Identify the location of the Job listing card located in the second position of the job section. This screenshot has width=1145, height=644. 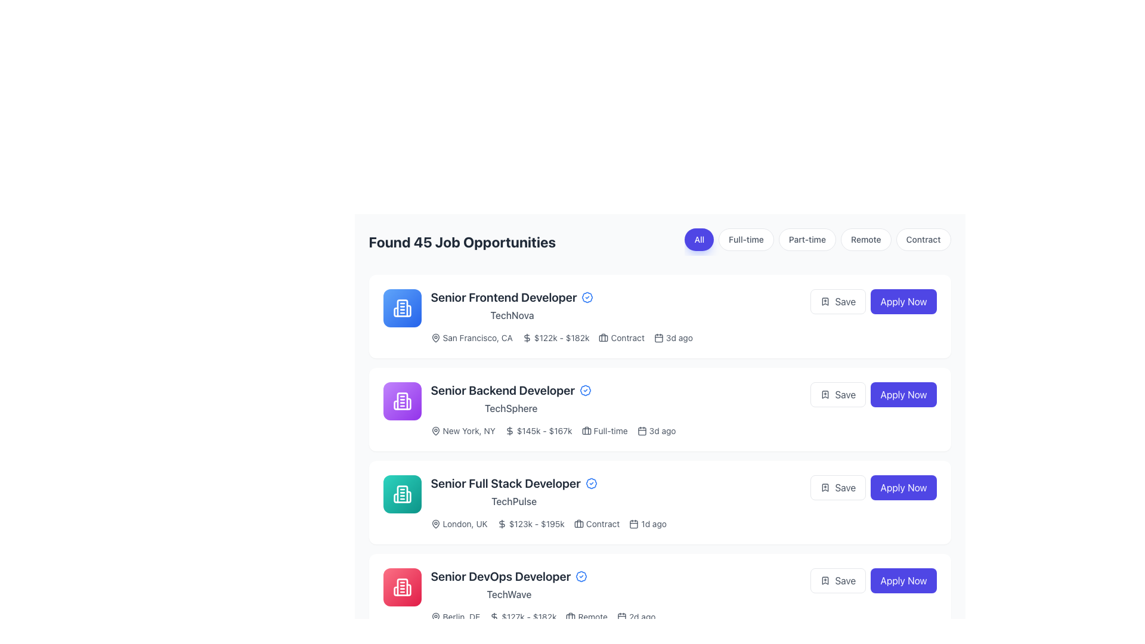
(659, 408).